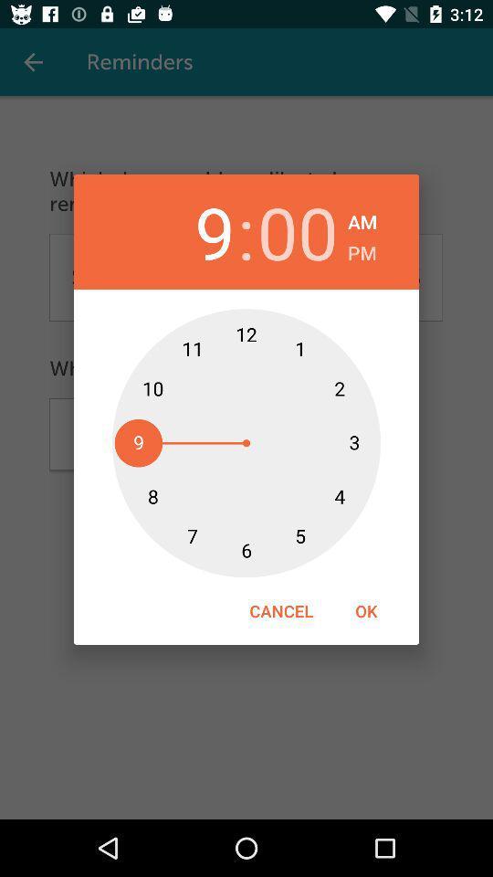 The width and height of the screenshot is (493, 877). I want to click on am icon, so click(362, 219).